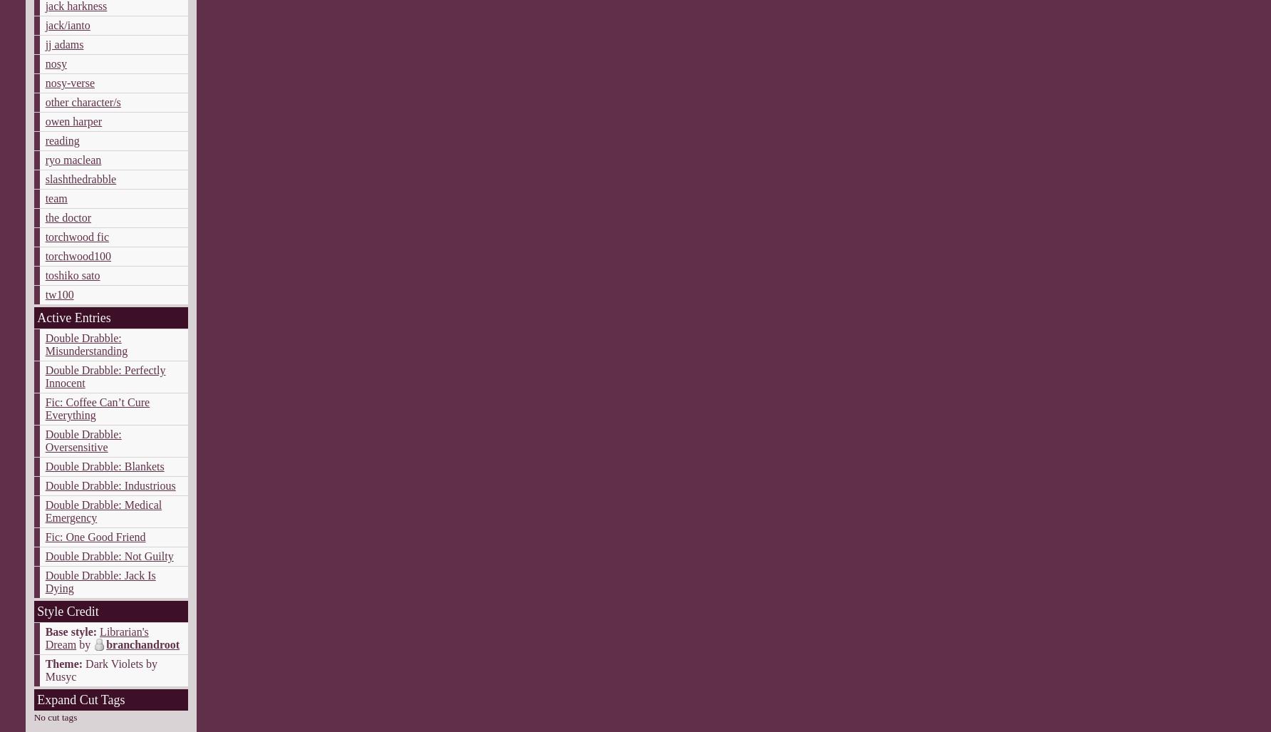 The height and width of the screenshot is (732, 1271). What do you see at coordinates (73, 121) in the screenshot?
I see `'owen harper'` at bounding box center [73, 121].